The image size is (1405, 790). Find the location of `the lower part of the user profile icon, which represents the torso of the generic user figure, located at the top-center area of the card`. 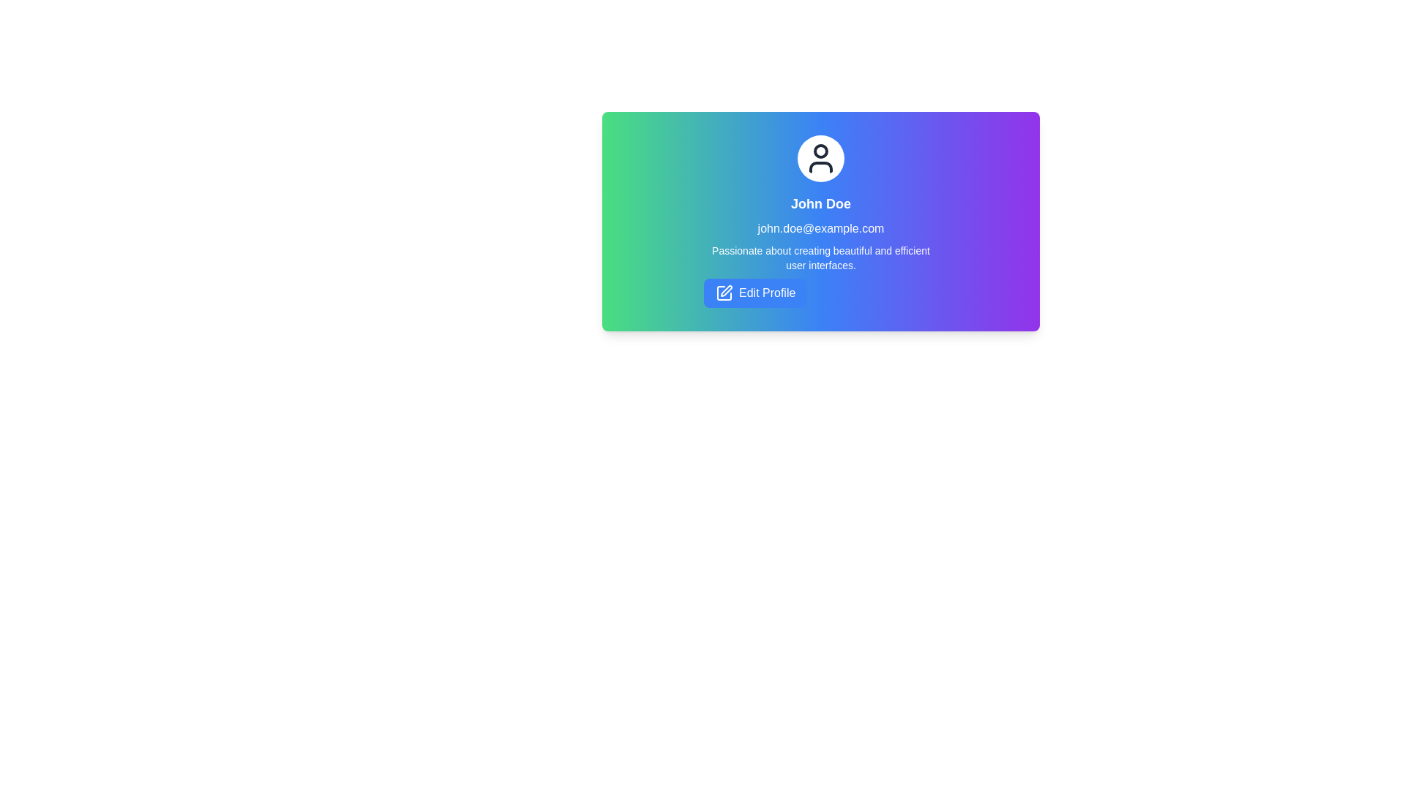

the lower part of the user profile icon, which represents the torso of the generic user figure, located at the top-center area of the card is located at coordinates (821, 166).